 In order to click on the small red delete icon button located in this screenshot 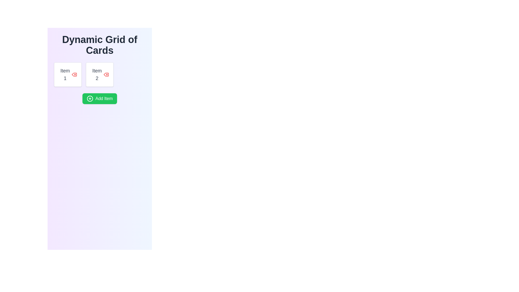, I will do `click(106, 75)`.